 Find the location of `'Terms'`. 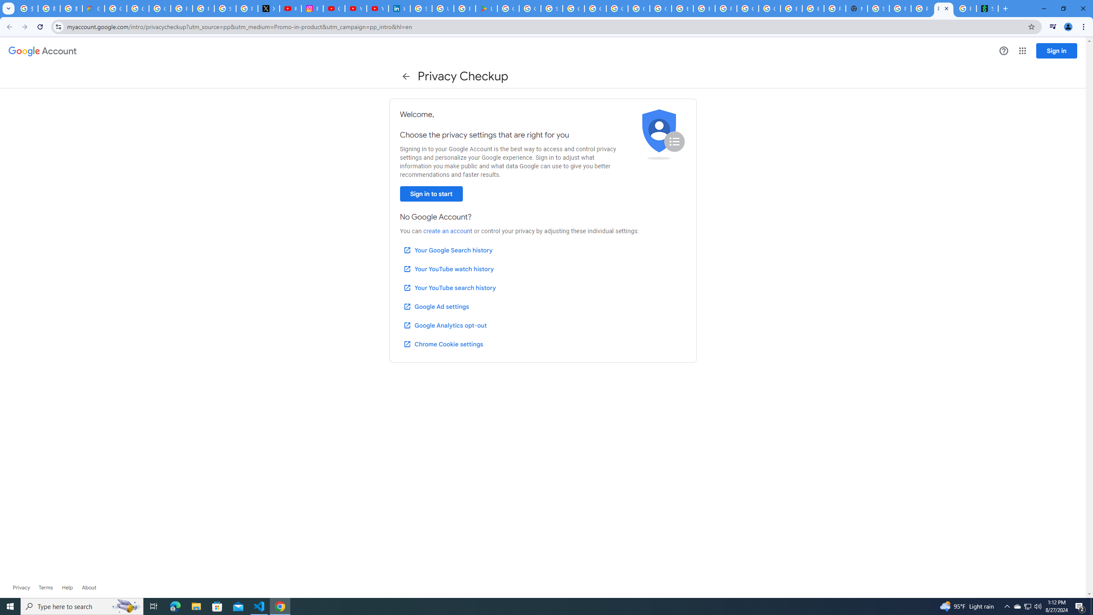

'Terms' is located at coordinates (45, 587).